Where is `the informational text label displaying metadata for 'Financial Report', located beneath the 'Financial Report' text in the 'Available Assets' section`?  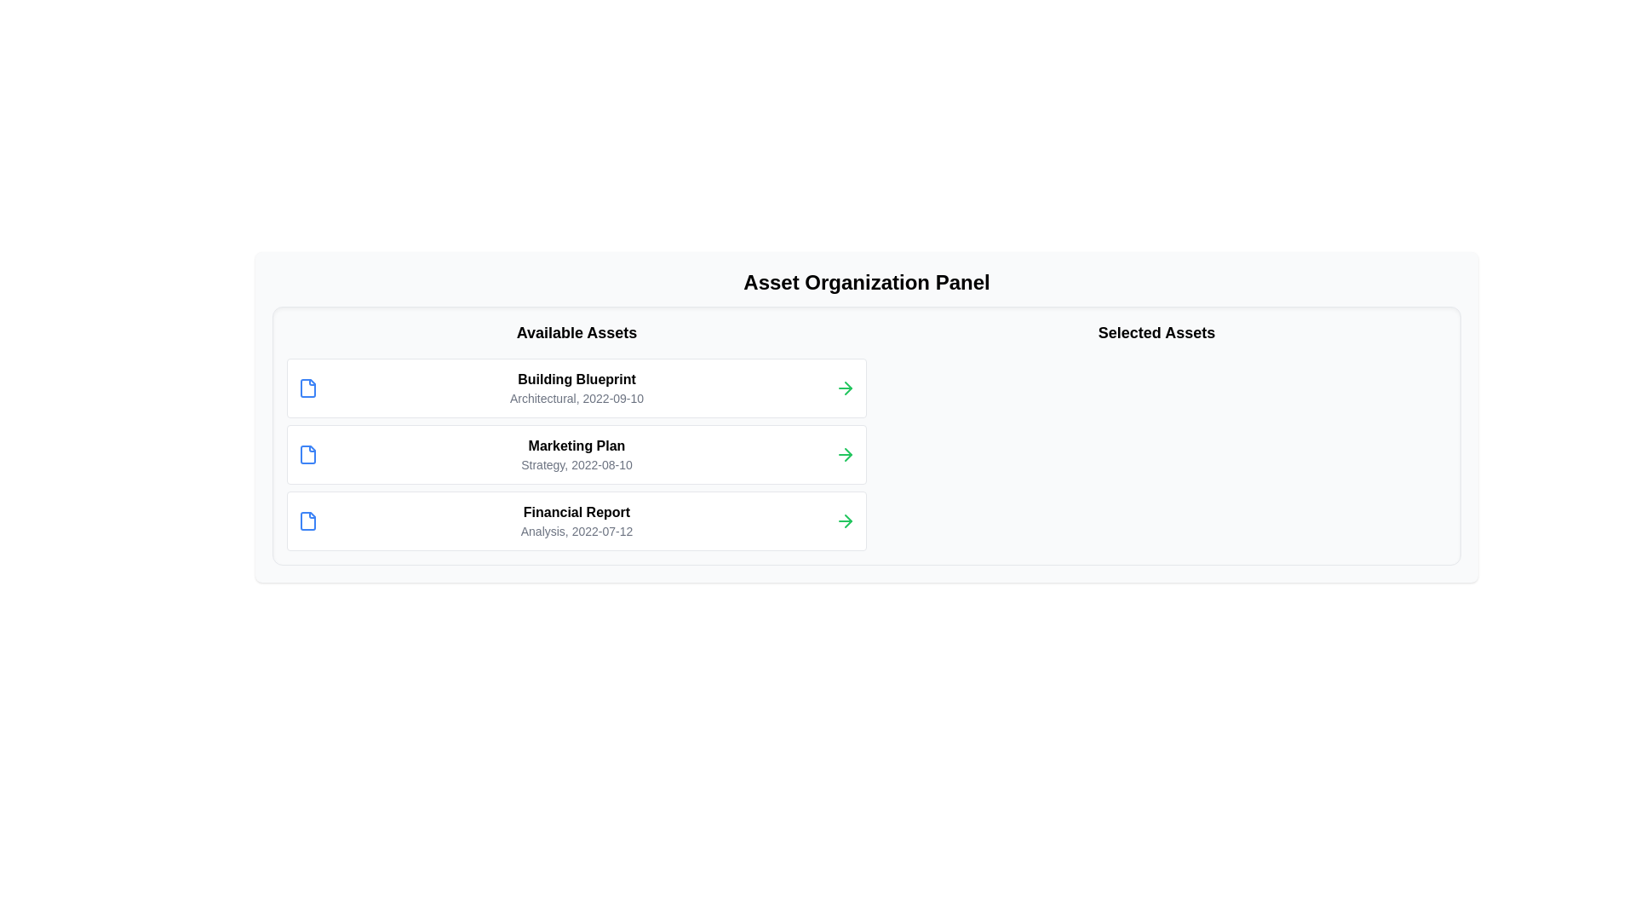
the informational text label displaying metadata for 'Financial Report', located beneath the 'Financial Report' text in the 'Available Assets' section is located at coordinates (577, 531).